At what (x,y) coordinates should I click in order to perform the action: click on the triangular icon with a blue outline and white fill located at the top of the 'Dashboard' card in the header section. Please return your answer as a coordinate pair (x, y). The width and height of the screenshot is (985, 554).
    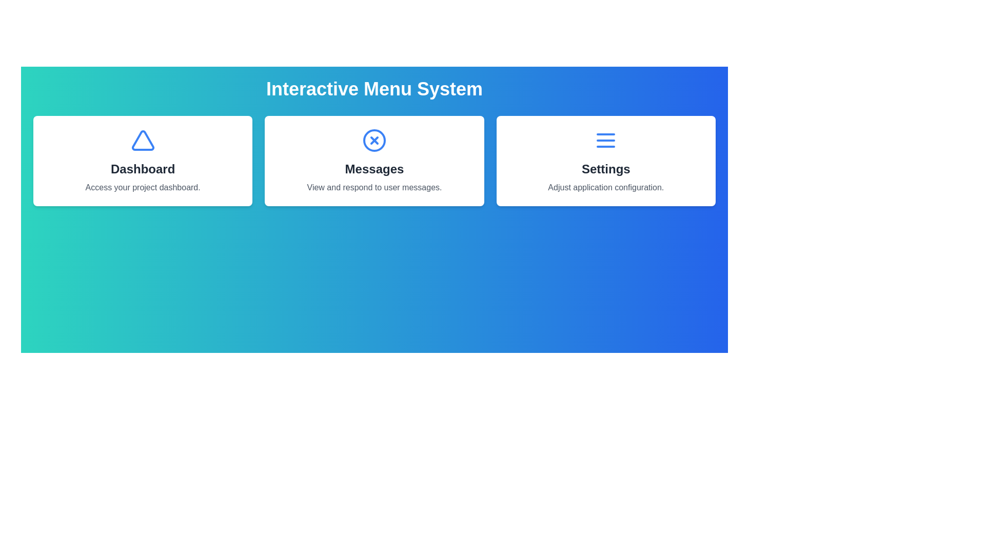
    Looking at the image, I should click on (142, 140).